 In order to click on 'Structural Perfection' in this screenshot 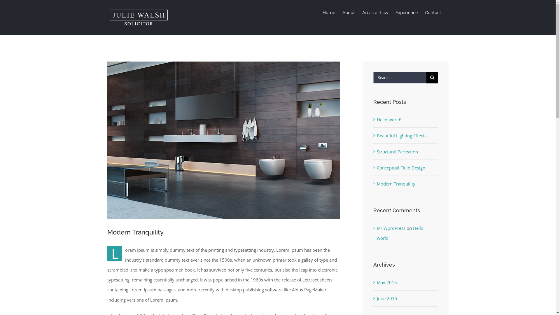, I will do `click(397, 151)`.